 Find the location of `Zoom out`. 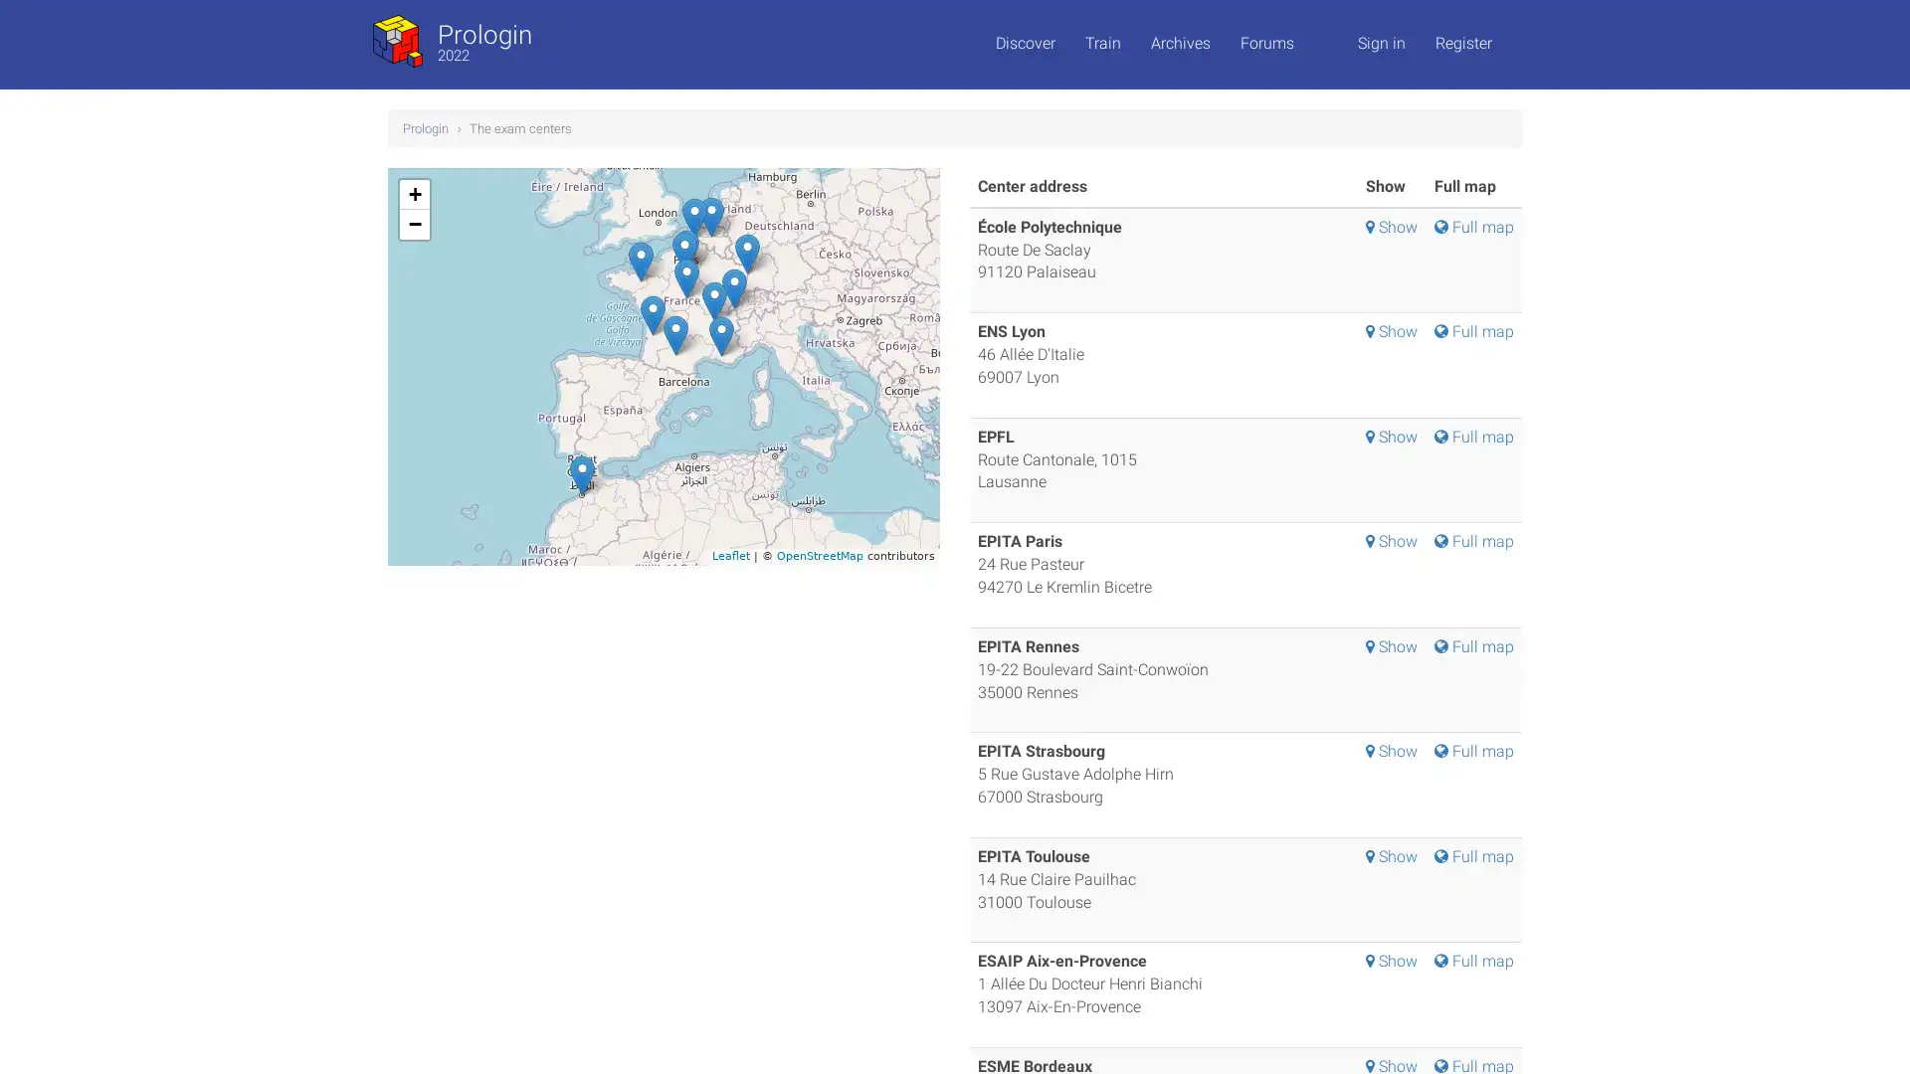

Zoom out is located at coordinates (414, 223).